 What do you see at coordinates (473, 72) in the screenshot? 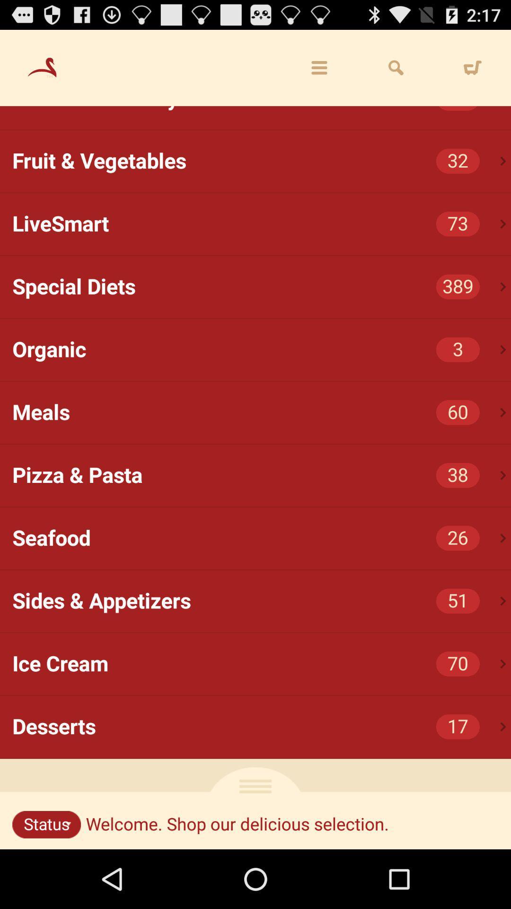
I see `the cart icon` at bounding box center [473, 72].